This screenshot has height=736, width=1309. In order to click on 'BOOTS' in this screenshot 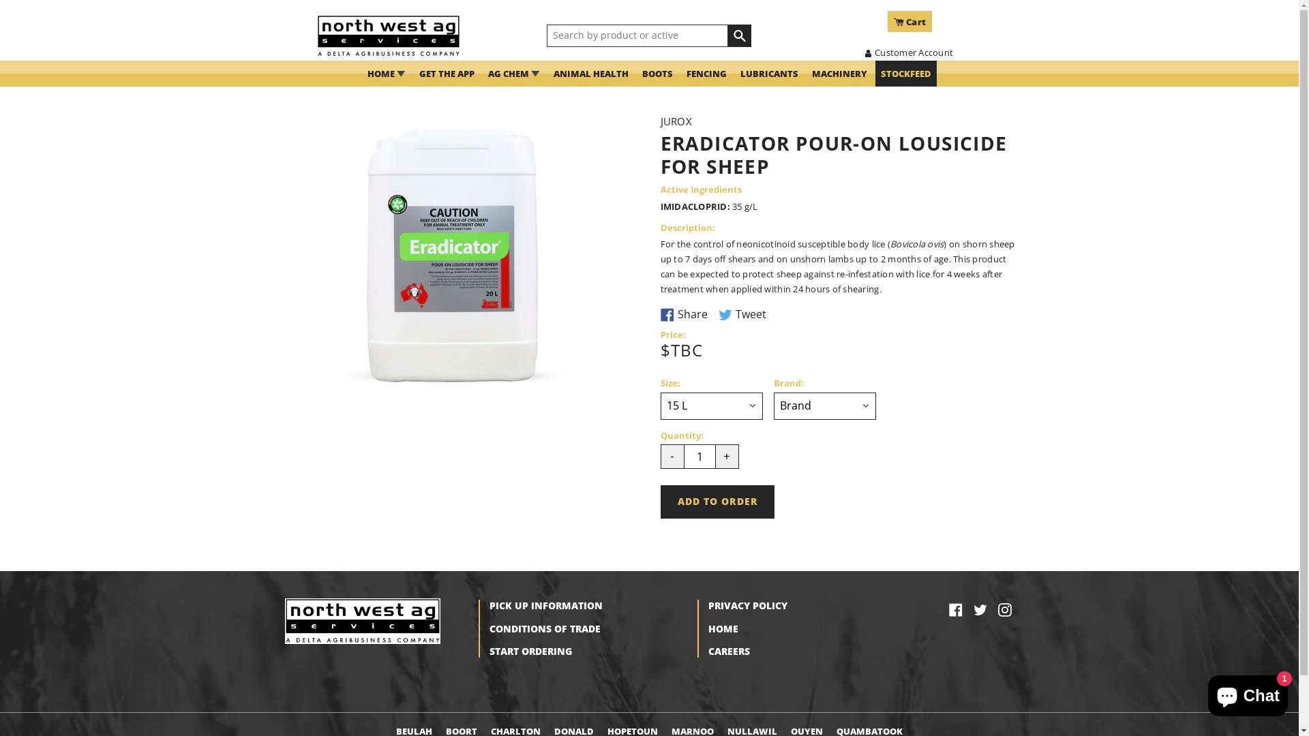, I will do `click(657, 74)`.